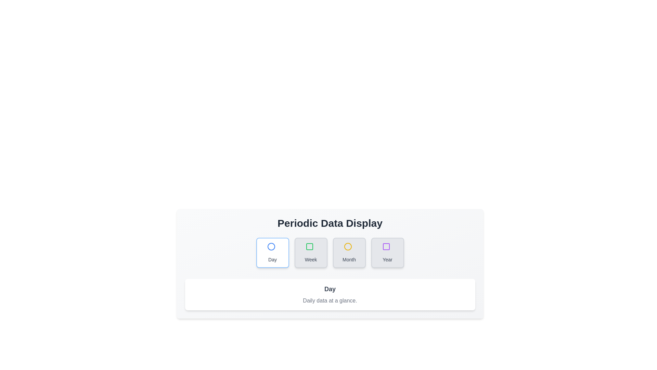 Image resolution: width=657 pixels, height=370 pixels. Describe the element at coordinates (386, 247) in the screenshot. I see `the 'Year' view button with an icon, the fourth button in the row below 'Periodic Data Display'` at that location.